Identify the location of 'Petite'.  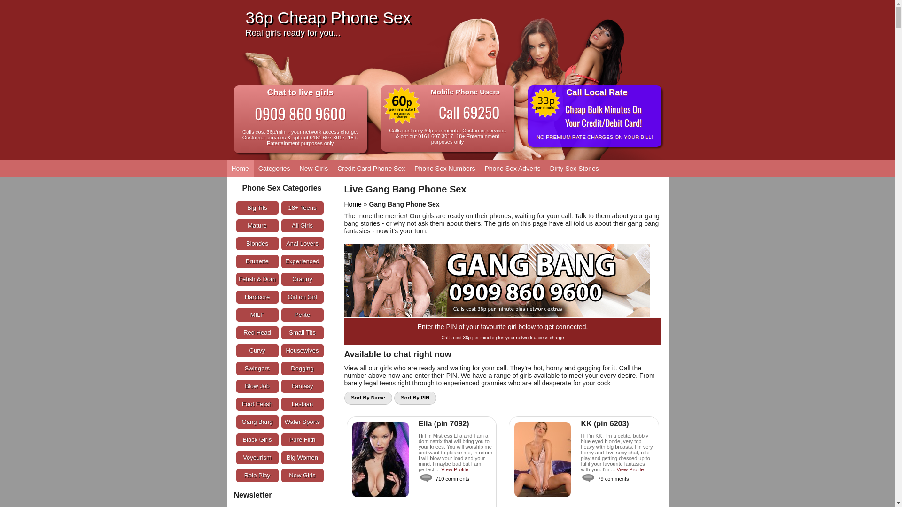
(302, 315).